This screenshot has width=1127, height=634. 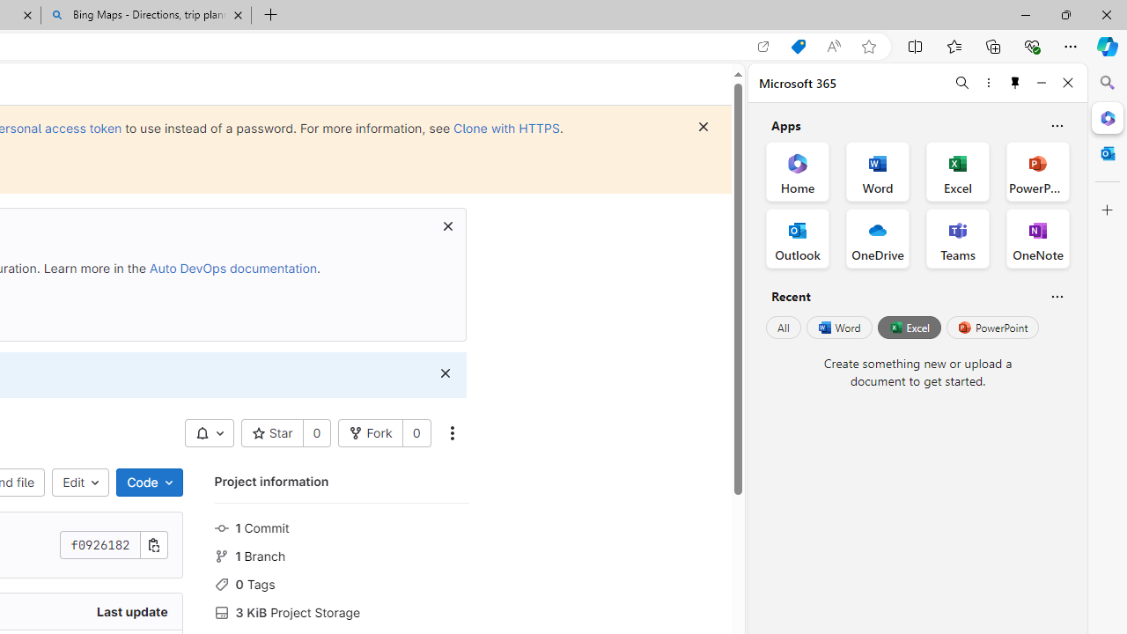 What do you see at coordinates (445, 372) in the screenshot?
I see `'Dismiss'` at bounding box center [445, 372].